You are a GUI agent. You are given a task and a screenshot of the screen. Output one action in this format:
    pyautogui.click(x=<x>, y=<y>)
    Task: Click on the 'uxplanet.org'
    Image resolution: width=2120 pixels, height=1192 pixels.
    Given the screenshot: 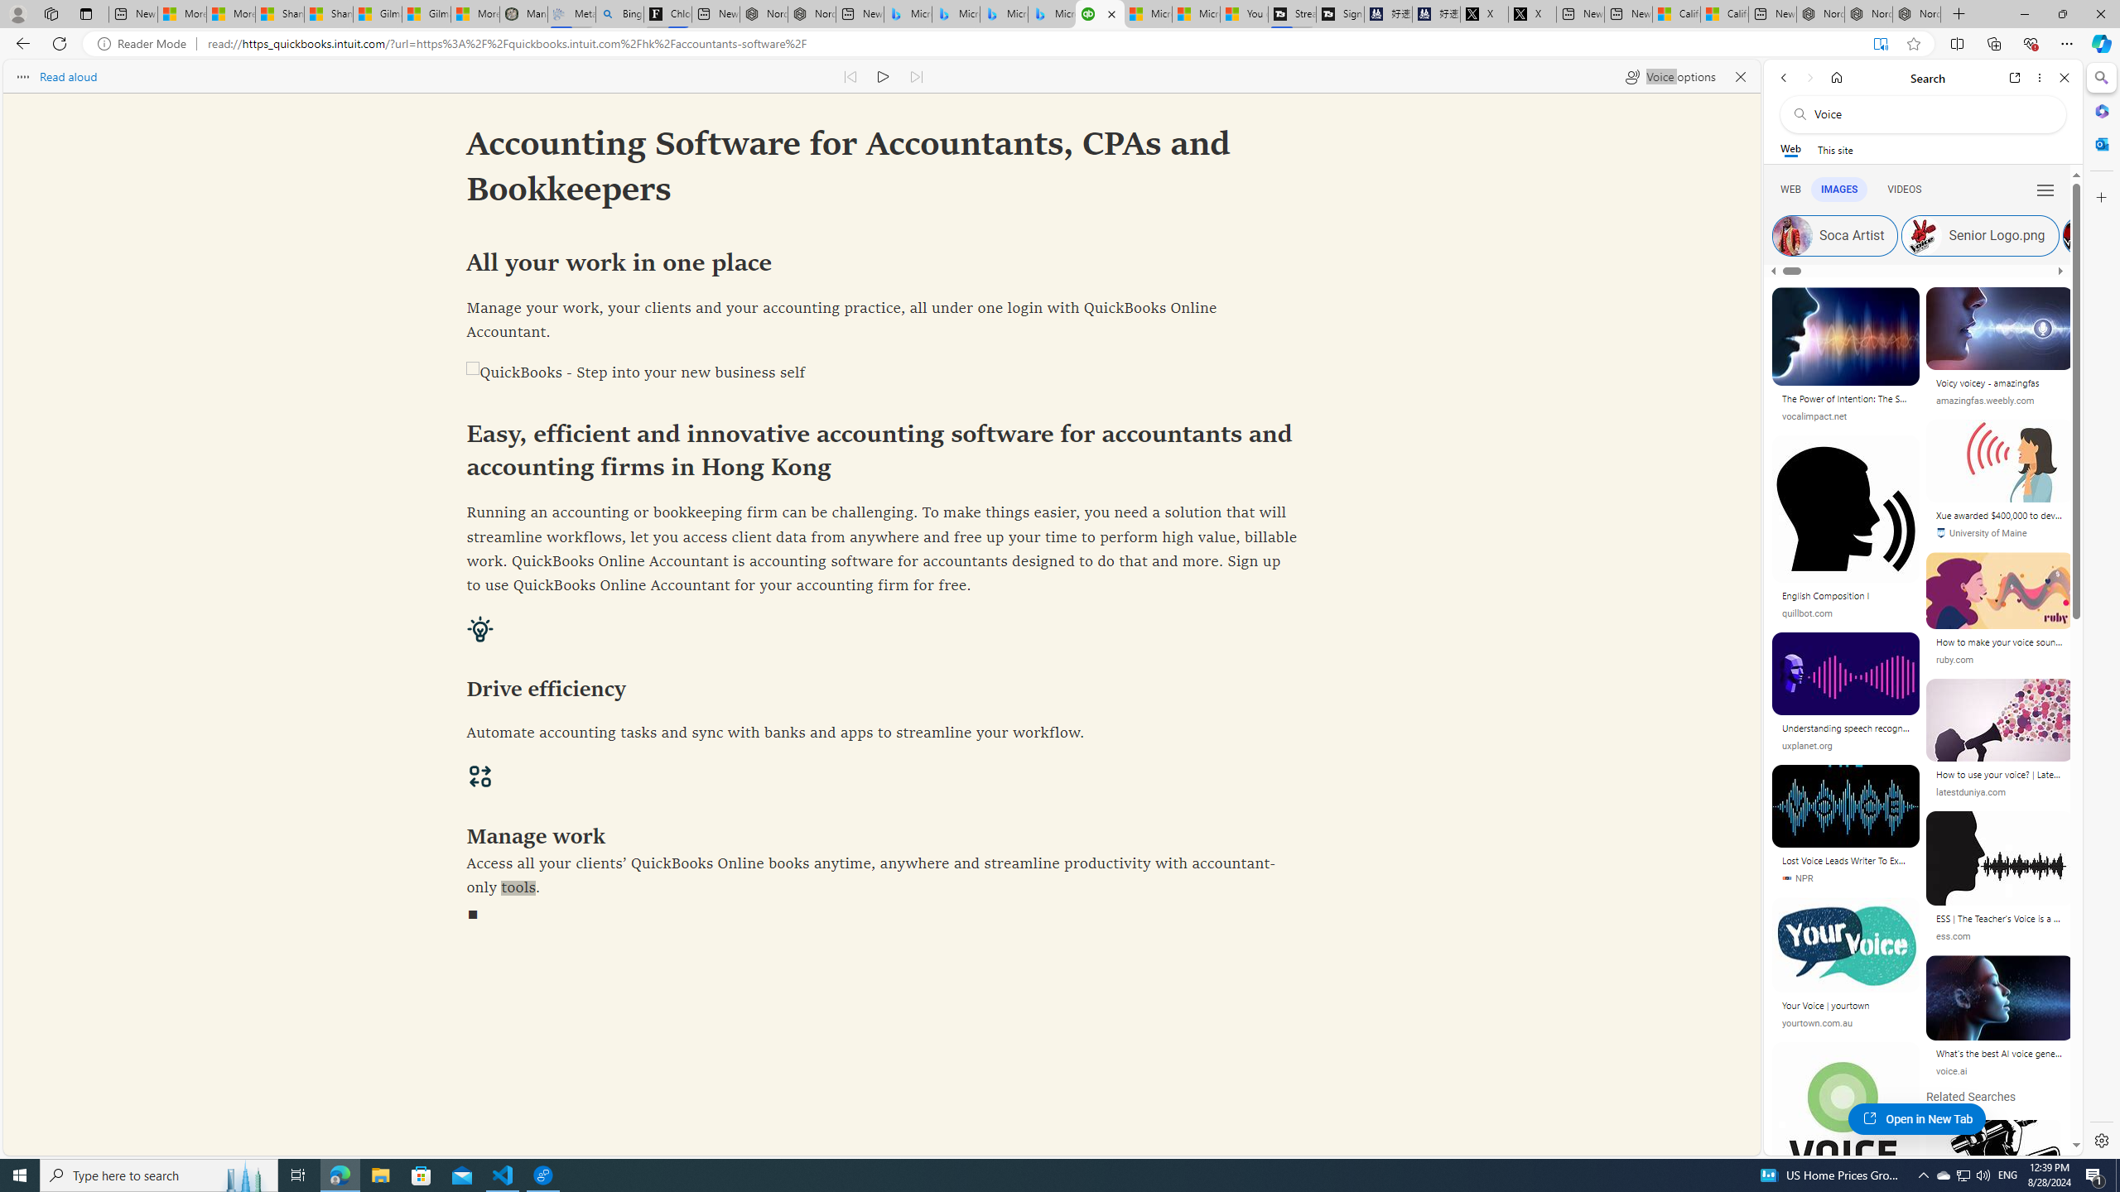 What is the action you would take?
    pyautogui.click(x=1806, y=746)
    